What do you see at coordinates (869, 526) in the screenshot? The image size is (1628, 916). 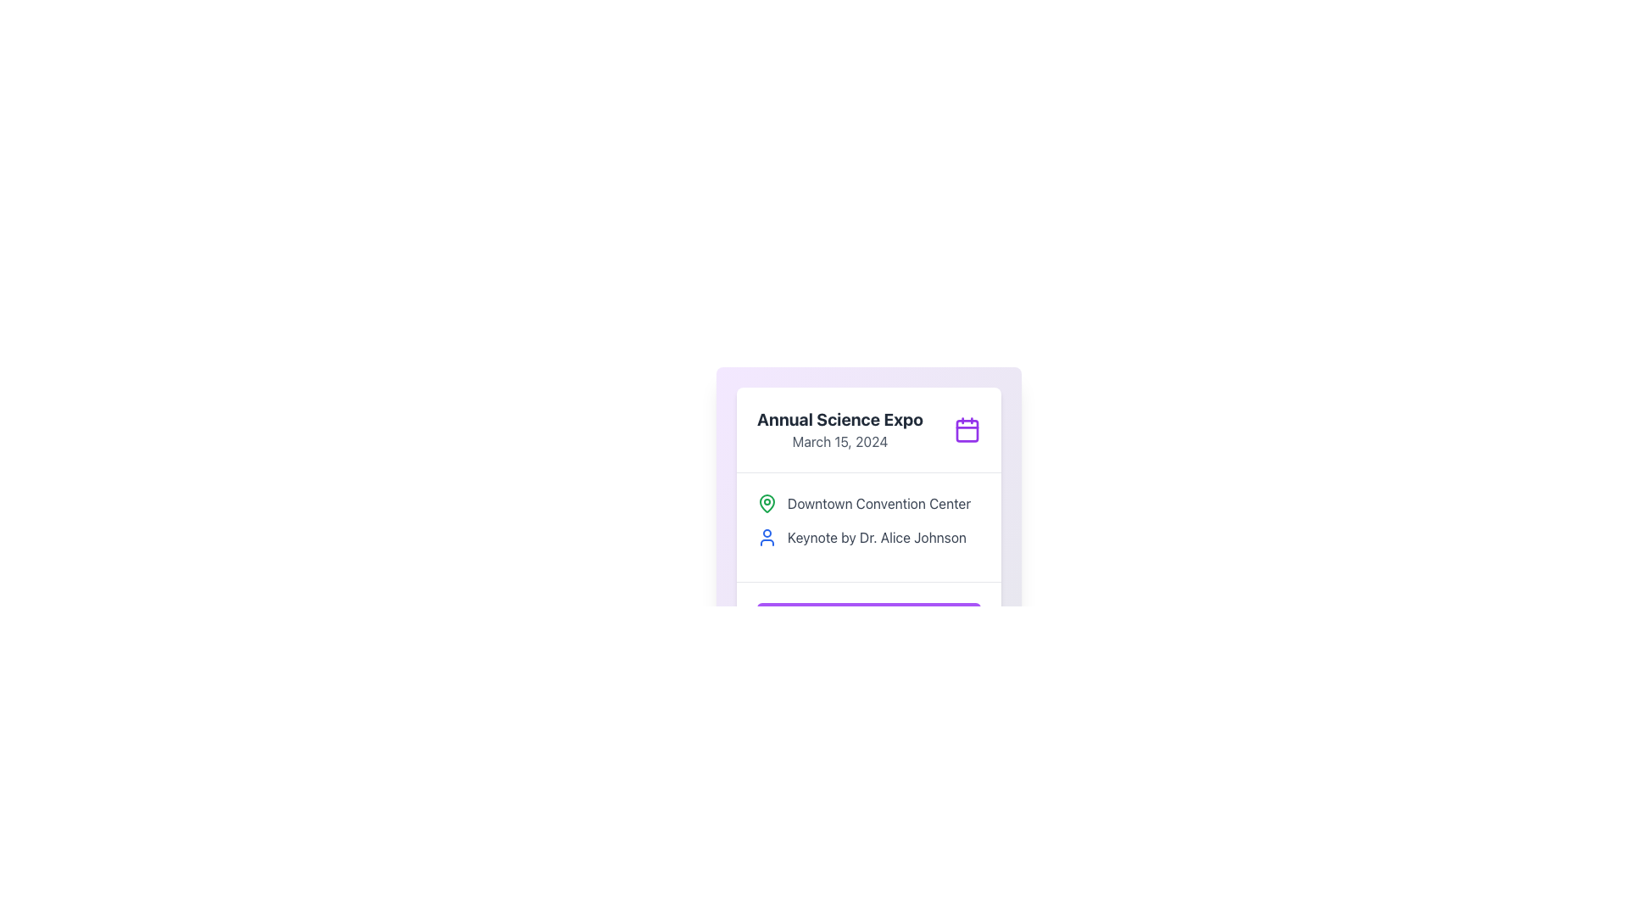 I see `Information Display Section that provides details about the event's venue and keynote speaker, located below the 'Annual Science Expo' header` at bounding box center [869, 526].